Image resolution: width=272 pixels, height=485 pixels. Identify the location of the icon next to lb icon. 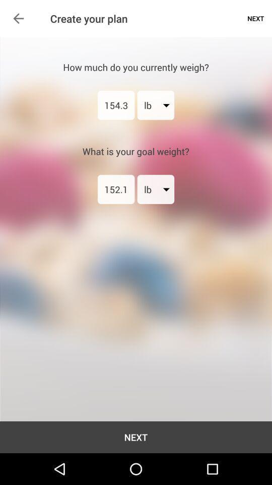
(115, 188).